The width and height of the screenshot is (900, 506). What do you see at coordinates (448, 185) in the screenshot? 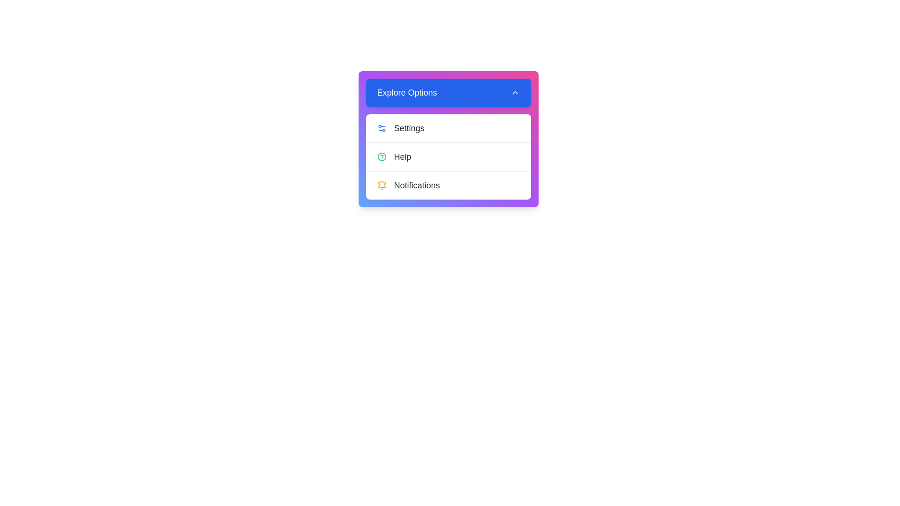
I see `the menu item Notifications` at bounding box center [448, 185].